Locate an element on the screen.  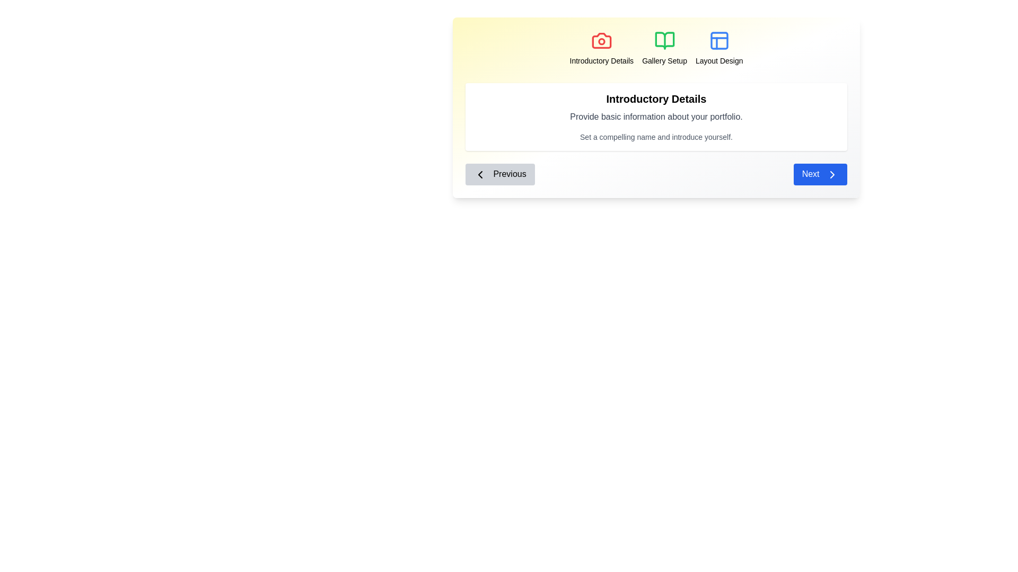
the Navigation Button, which is the third item in the horizontal menu is located at coordinates (719, 48).